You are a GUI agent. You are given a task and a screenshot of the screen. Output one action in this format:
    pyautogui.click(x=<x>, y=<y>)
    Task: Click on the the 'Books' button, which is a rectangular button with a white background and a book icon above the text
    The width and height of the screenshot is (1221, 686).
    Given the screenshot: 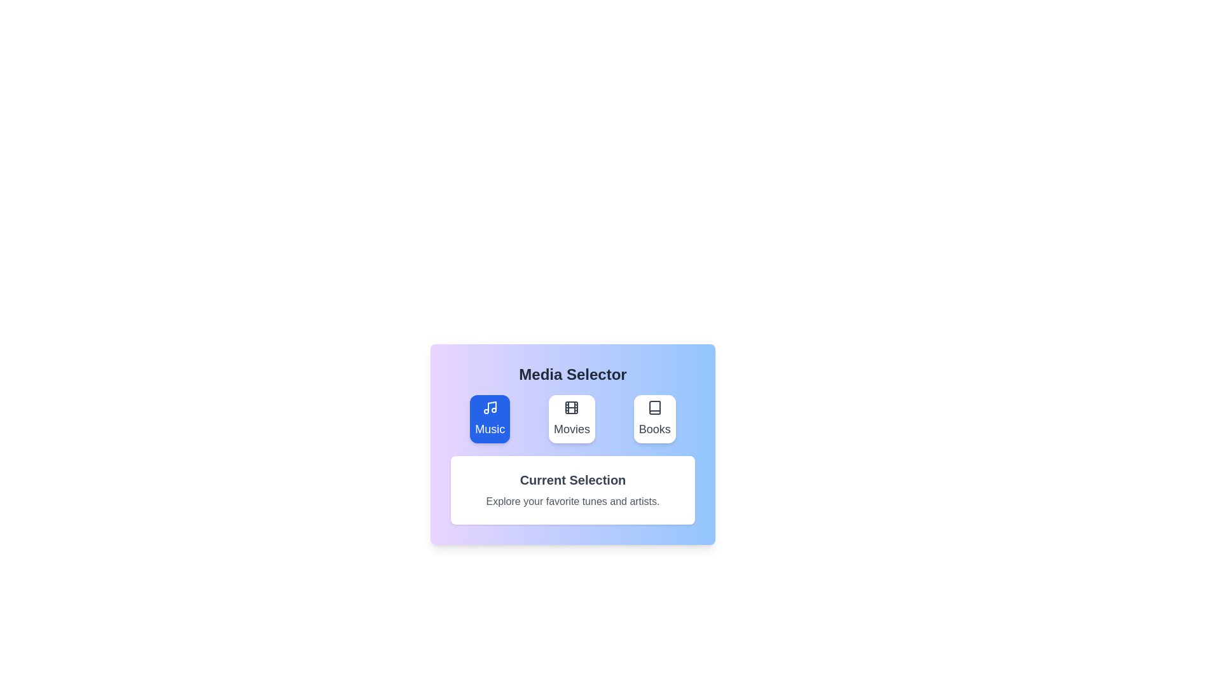 What is the action you would take?
    pyautogui.click(x=654, y=419)
    